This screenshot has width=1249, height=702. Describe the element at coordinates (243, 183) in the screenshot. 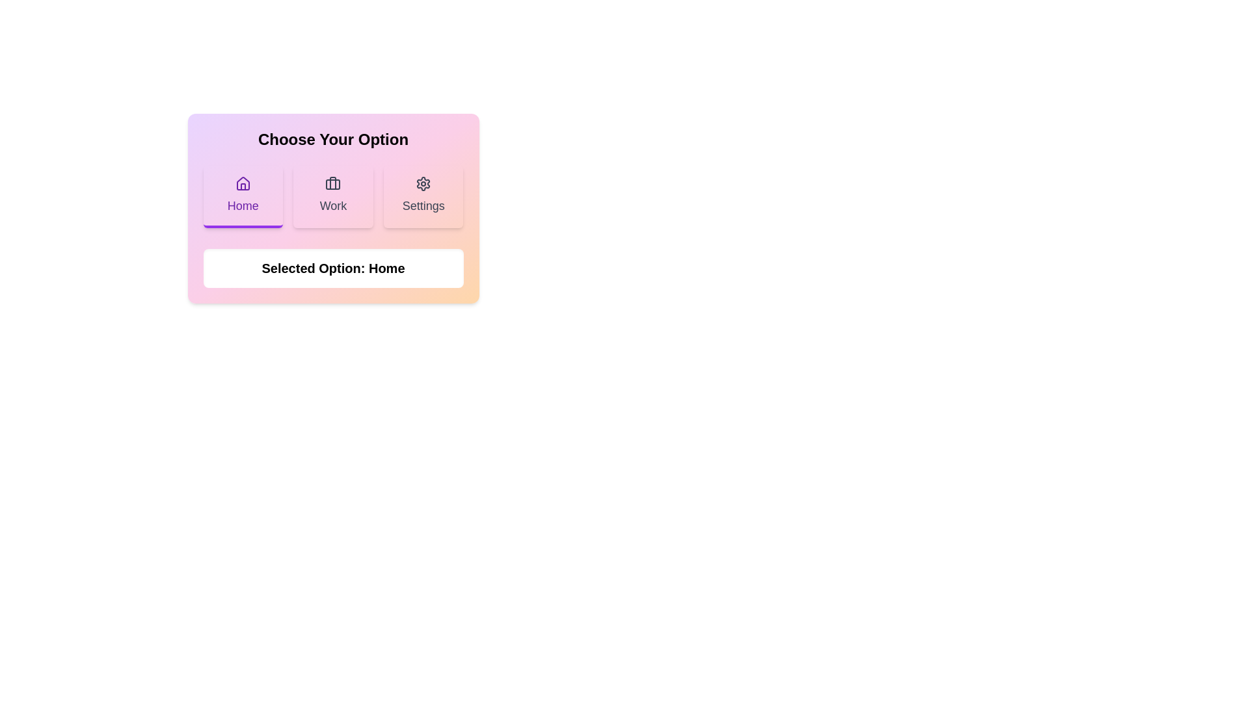

I see `the 'Home' button icon located at the top left of the row of three buttons under the heading 'Choose Your Option'` at that location.